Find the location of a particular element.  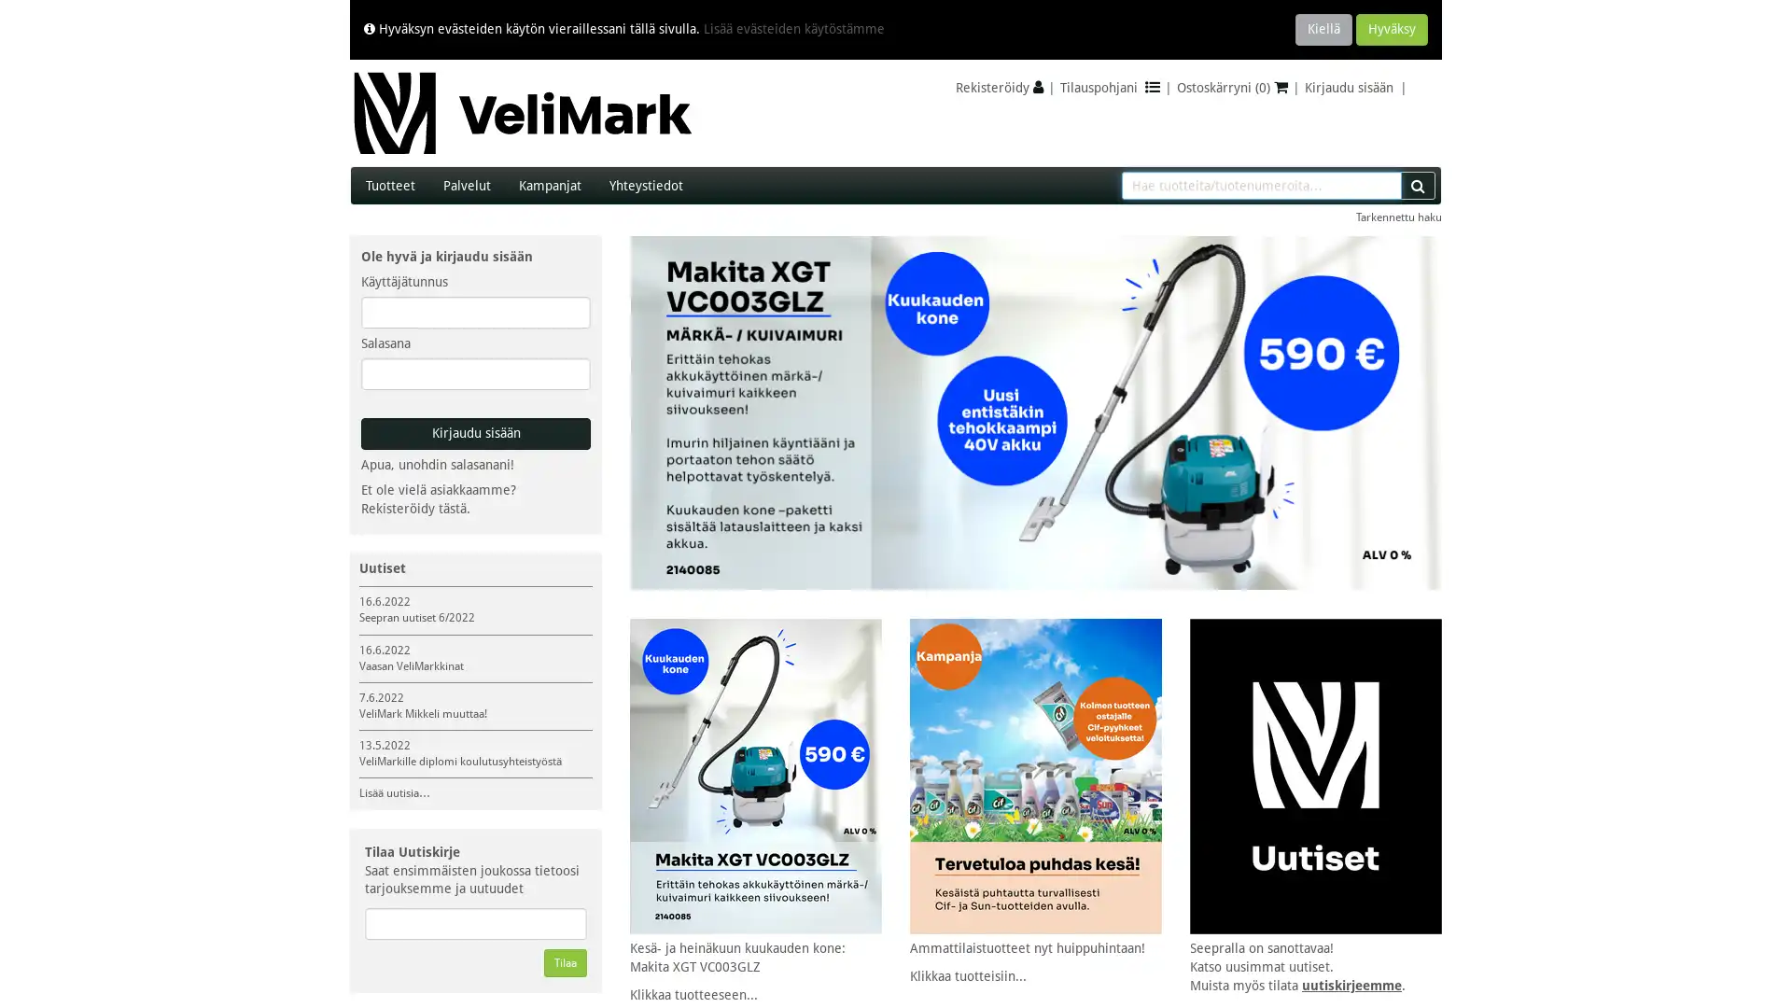

Kiella is located at coordinates (1323, 29).